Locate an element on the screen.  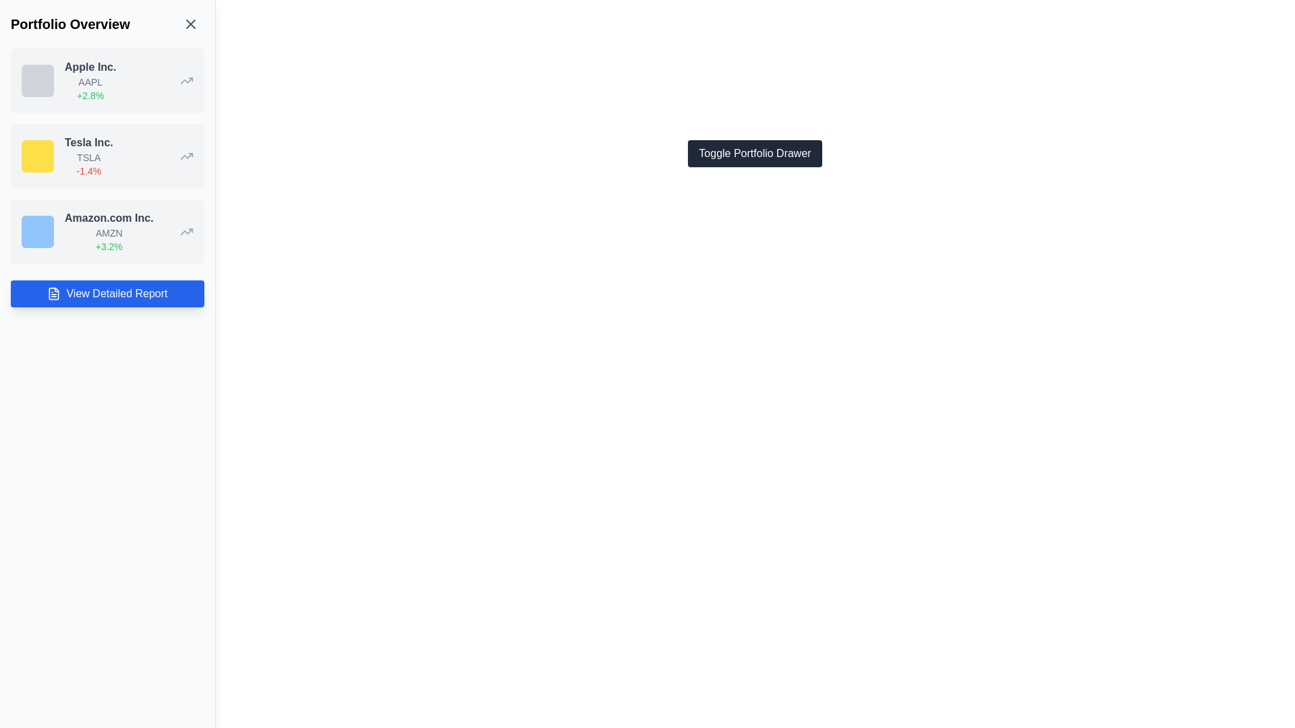
text label displaying '+3.2%' in green color, which signifies a positive change, located in the third tile below 'Amazon.com Inc.' and 'AMZN' is located at coordinates (109, 247).